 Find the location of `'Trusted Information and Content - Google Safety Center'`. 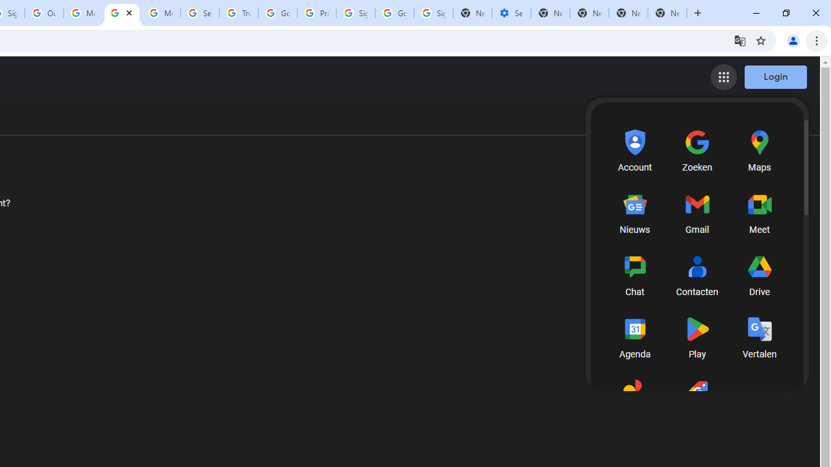

'Trusted Information and Content - Google Safety Center' is located at coordinates (239, 13).